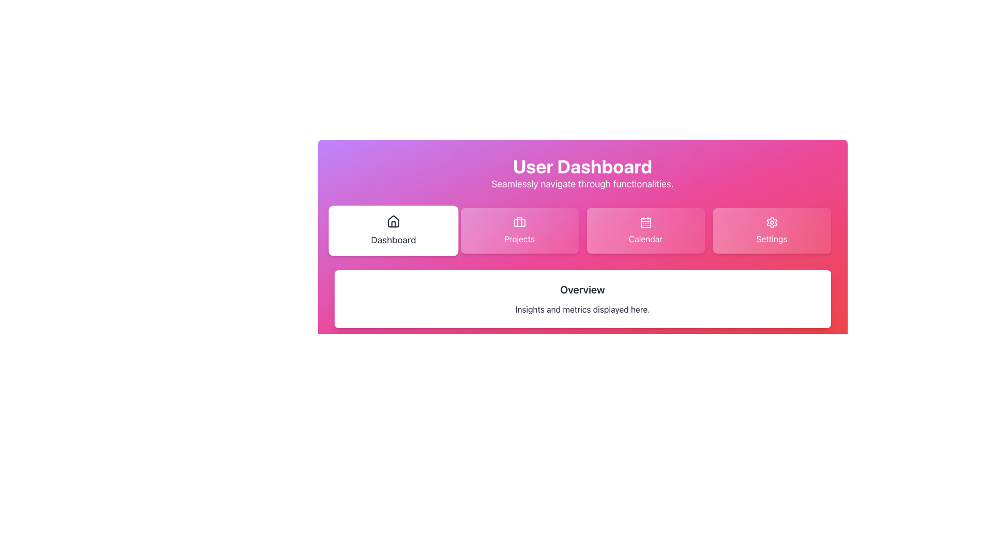 Image resolution: width=993 pixels, height=559 pixels. I want to click on the settings icon located in the 'Settings' card on the user dashboard, which provides access to configuration options, so click(772, 222).